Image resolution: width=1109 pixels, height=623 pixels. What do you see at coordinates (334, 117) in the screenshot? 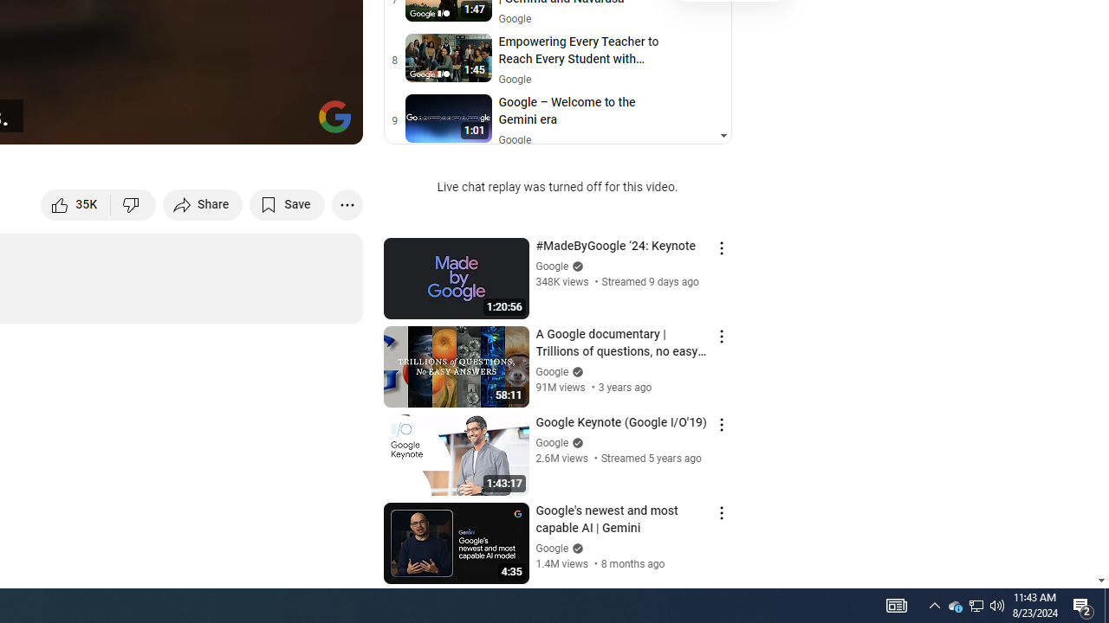
I see `'Channel watermark'` at bounding box center [334, 117].